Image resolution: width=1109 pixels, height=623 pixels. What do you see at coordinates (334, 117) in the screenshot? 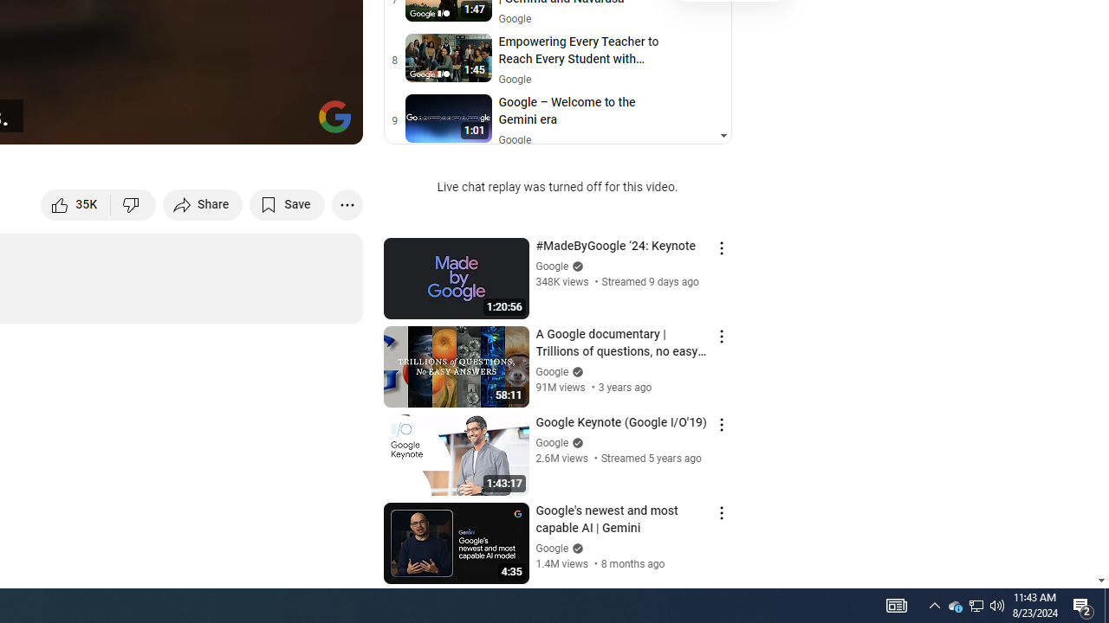
I see `'Channel watermark'` at bounding box center [334, 117].